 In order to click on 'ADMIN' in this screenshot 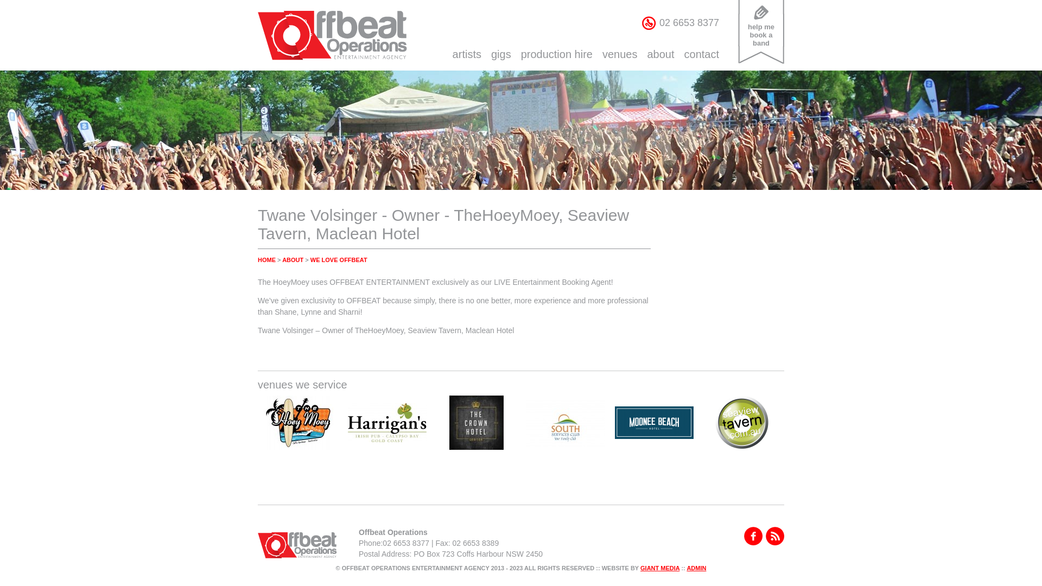, I will do `click(696, 567)`.